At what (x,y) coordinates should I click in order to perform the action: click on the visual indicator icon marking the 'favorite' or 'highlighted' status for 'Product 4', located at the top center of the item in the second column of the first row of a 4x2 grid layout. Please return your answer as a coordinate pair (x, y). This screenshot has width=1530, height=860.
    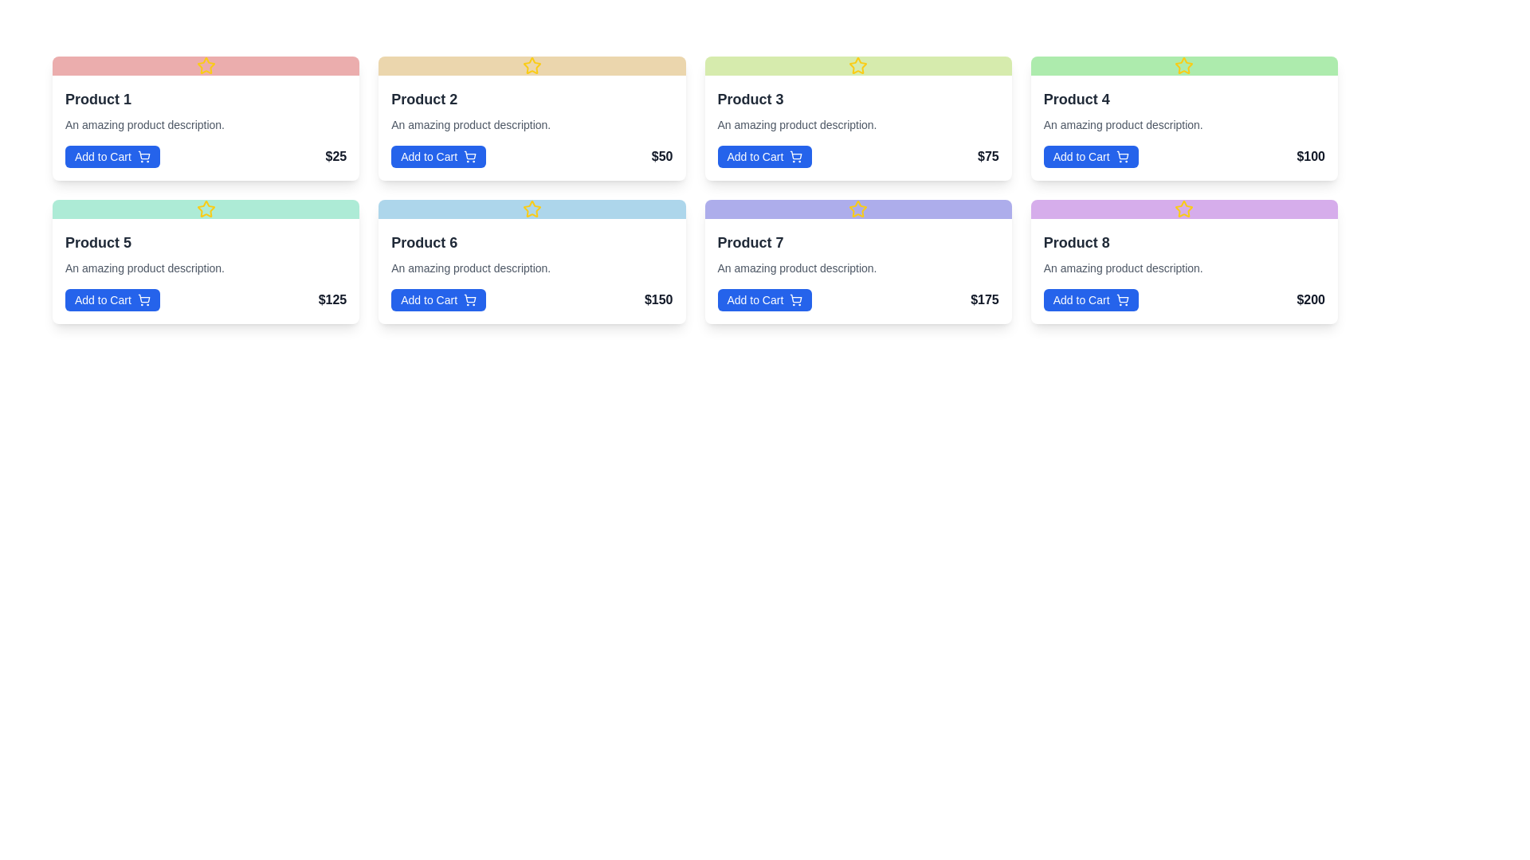
    Looking at the image, I should click on (1184, 64).